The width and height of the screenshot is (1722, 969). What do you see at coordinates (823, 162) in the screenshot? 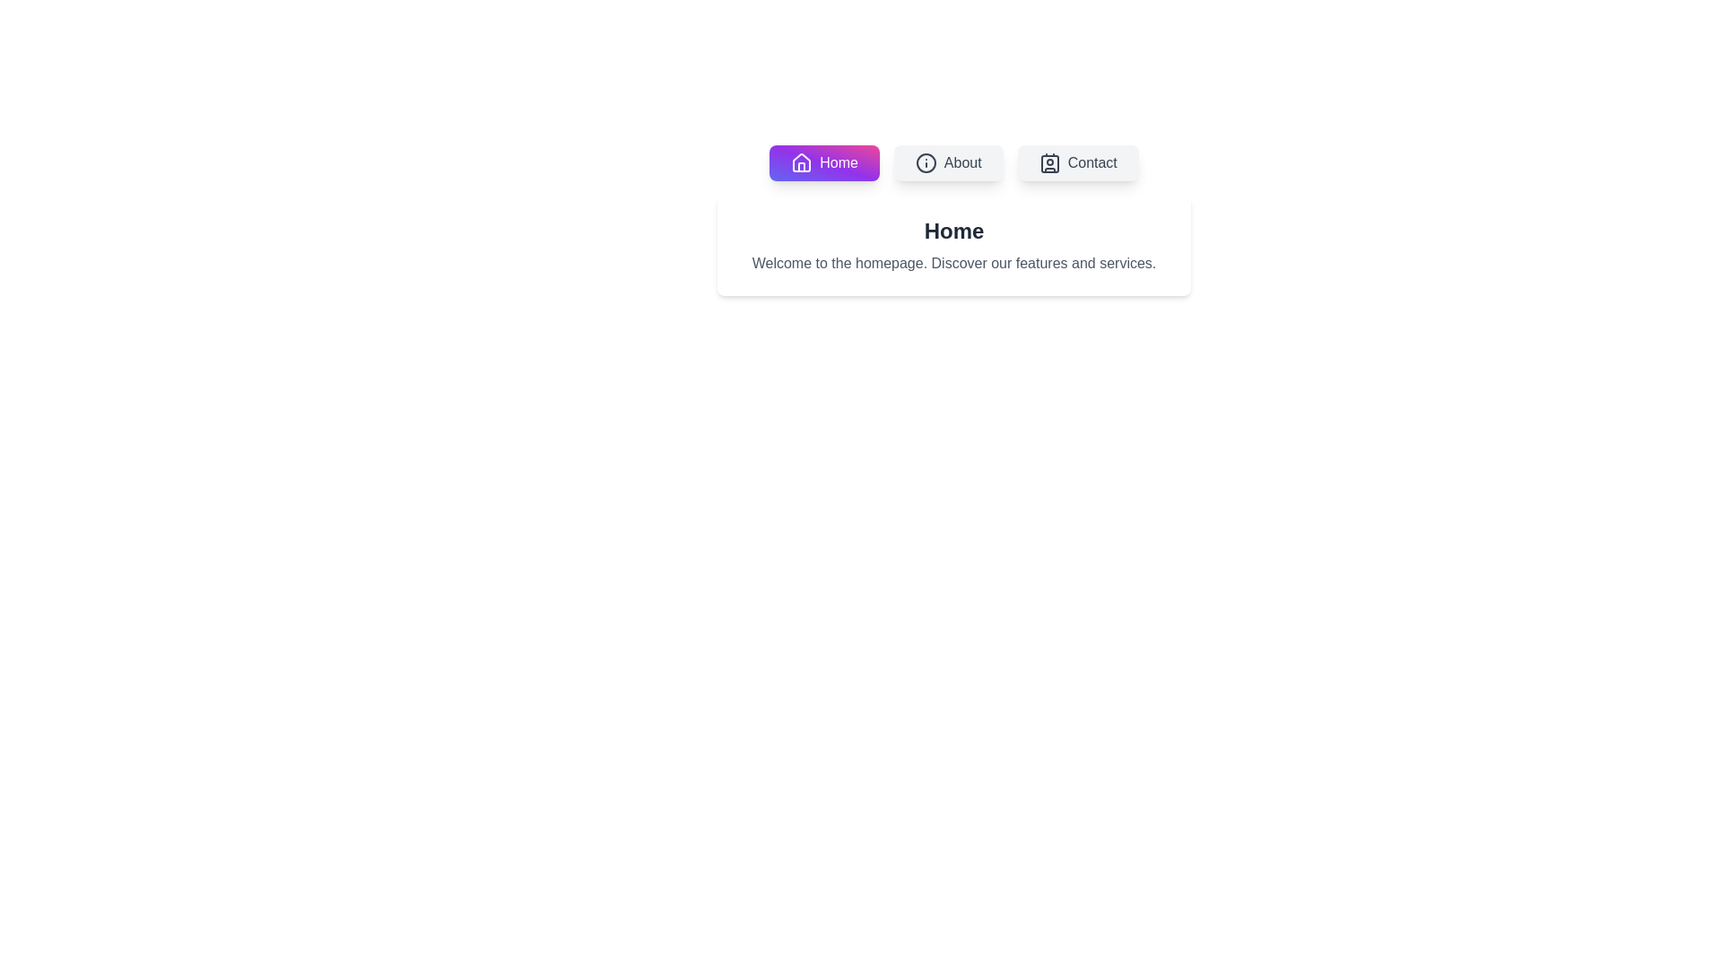
I see `the tab labeled Home` at bounding box center [823, 162].